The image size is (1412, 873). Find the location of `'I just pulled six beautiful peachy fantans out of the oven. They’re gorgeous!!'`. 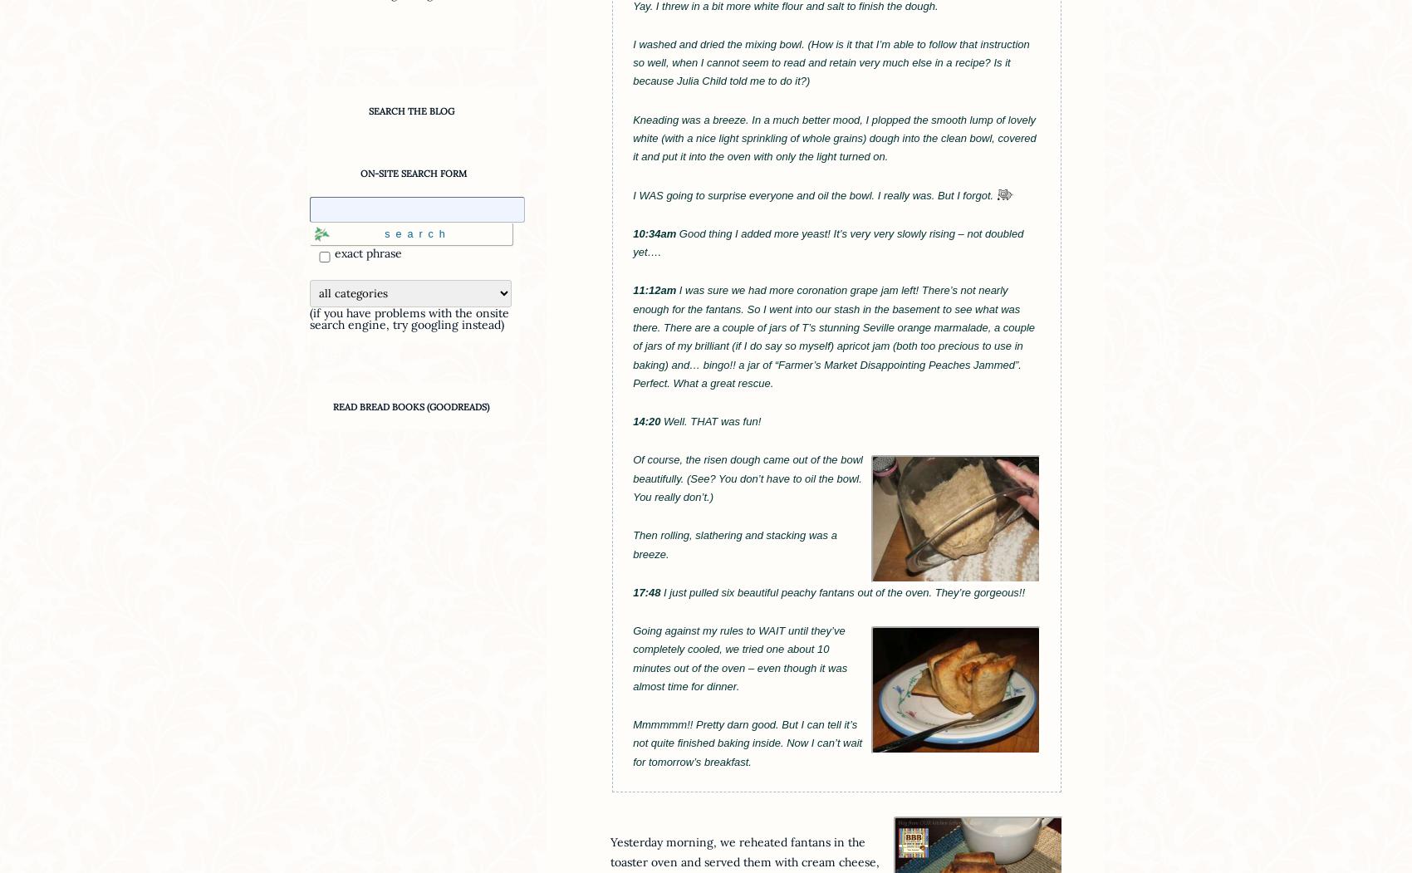

'I just pulled six beautiful peachy fantans out of the oven. They’re gorgeous!!' is located at coordinates (841, 591).